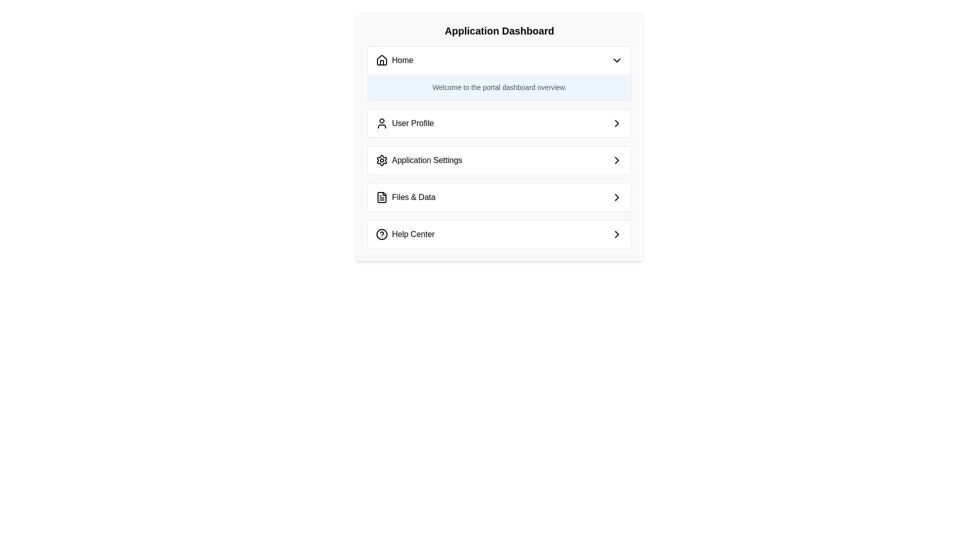 This screenshot has width=960, height=540. I want to click on the SVG house icon representing the 'Home' button located at the top left of the main navigation section, so click(381, 60).